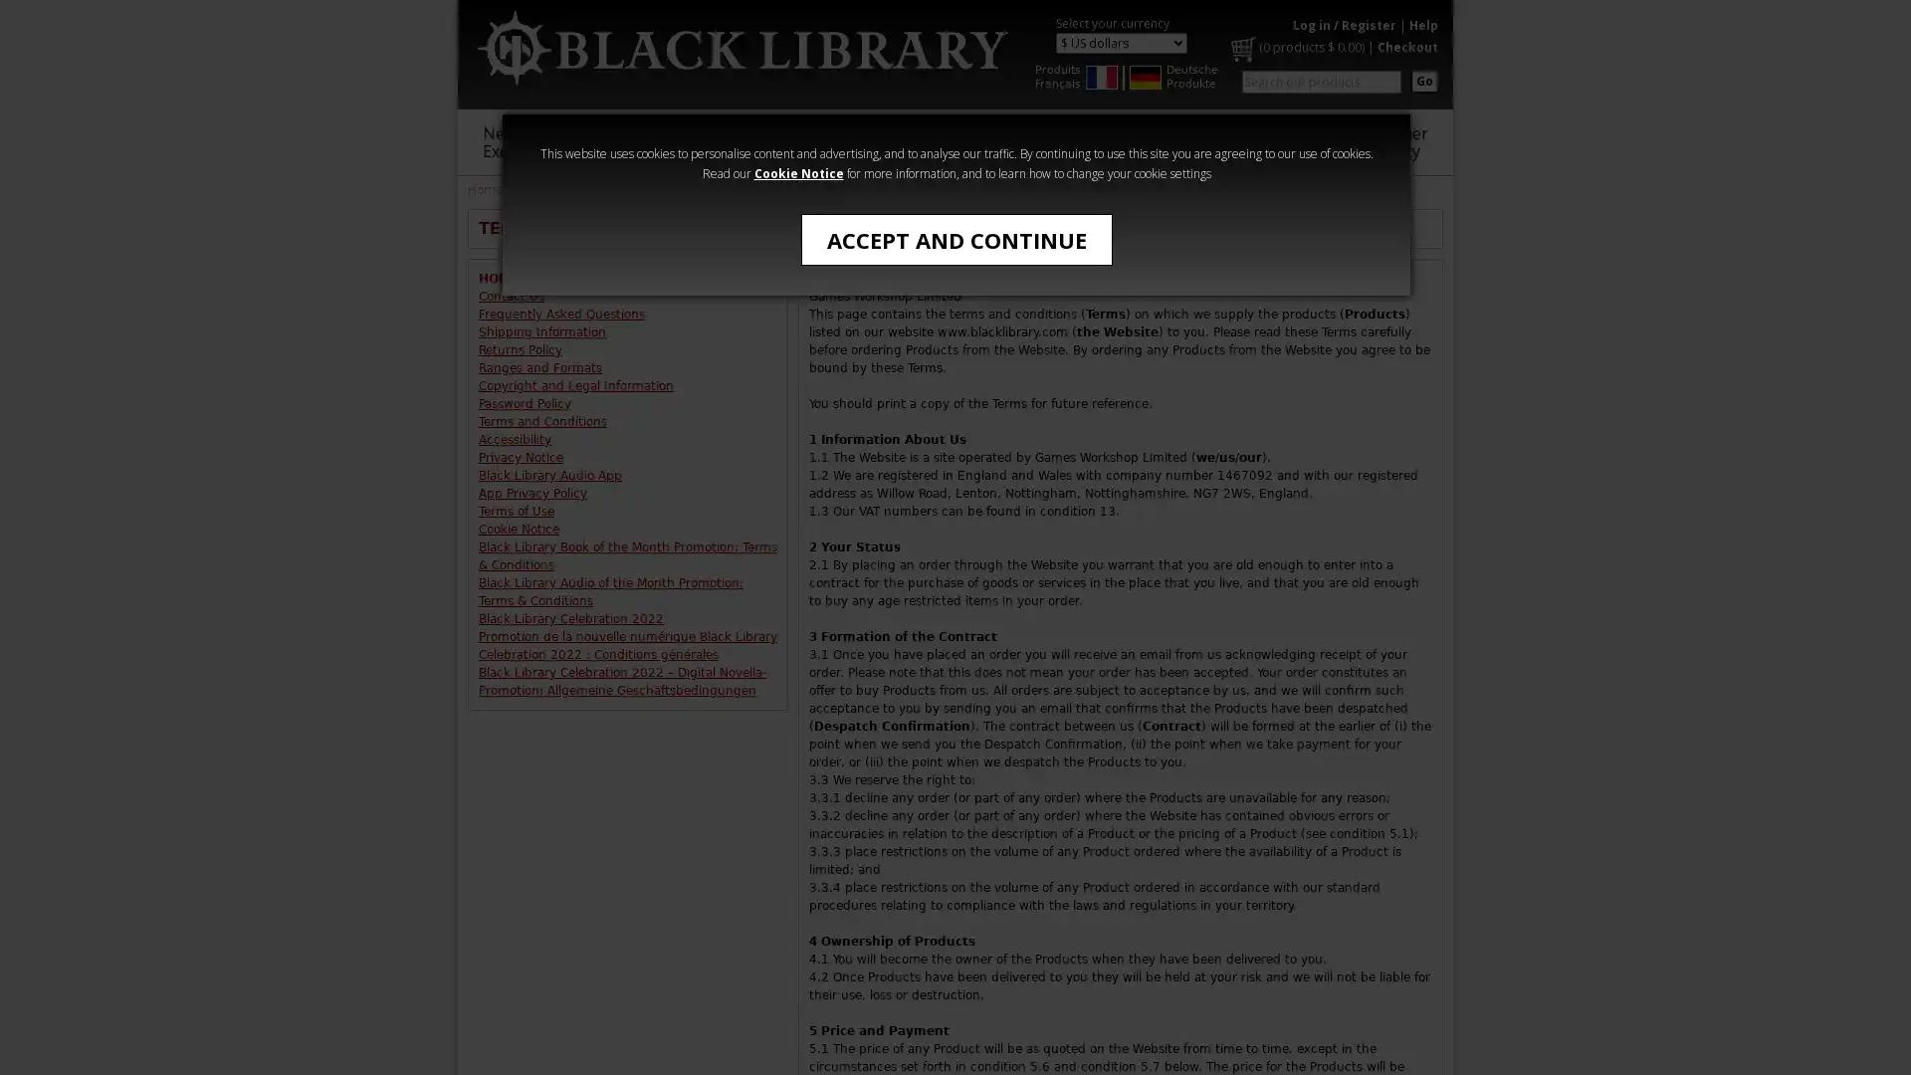 The height and width of the screenshot is (1075, 1911). I want to click on ACCEPT AND CONTINUE, so click(955, 238).